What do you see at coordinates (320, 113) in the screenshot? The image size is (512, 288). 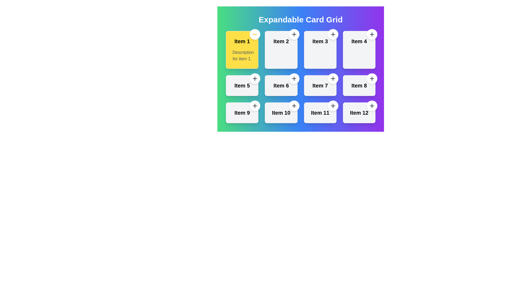 I see `the text label located in the bottom-right corner of the grid layout, which identifies the specific grid item it belongs to` at bounding box center [320, 113].